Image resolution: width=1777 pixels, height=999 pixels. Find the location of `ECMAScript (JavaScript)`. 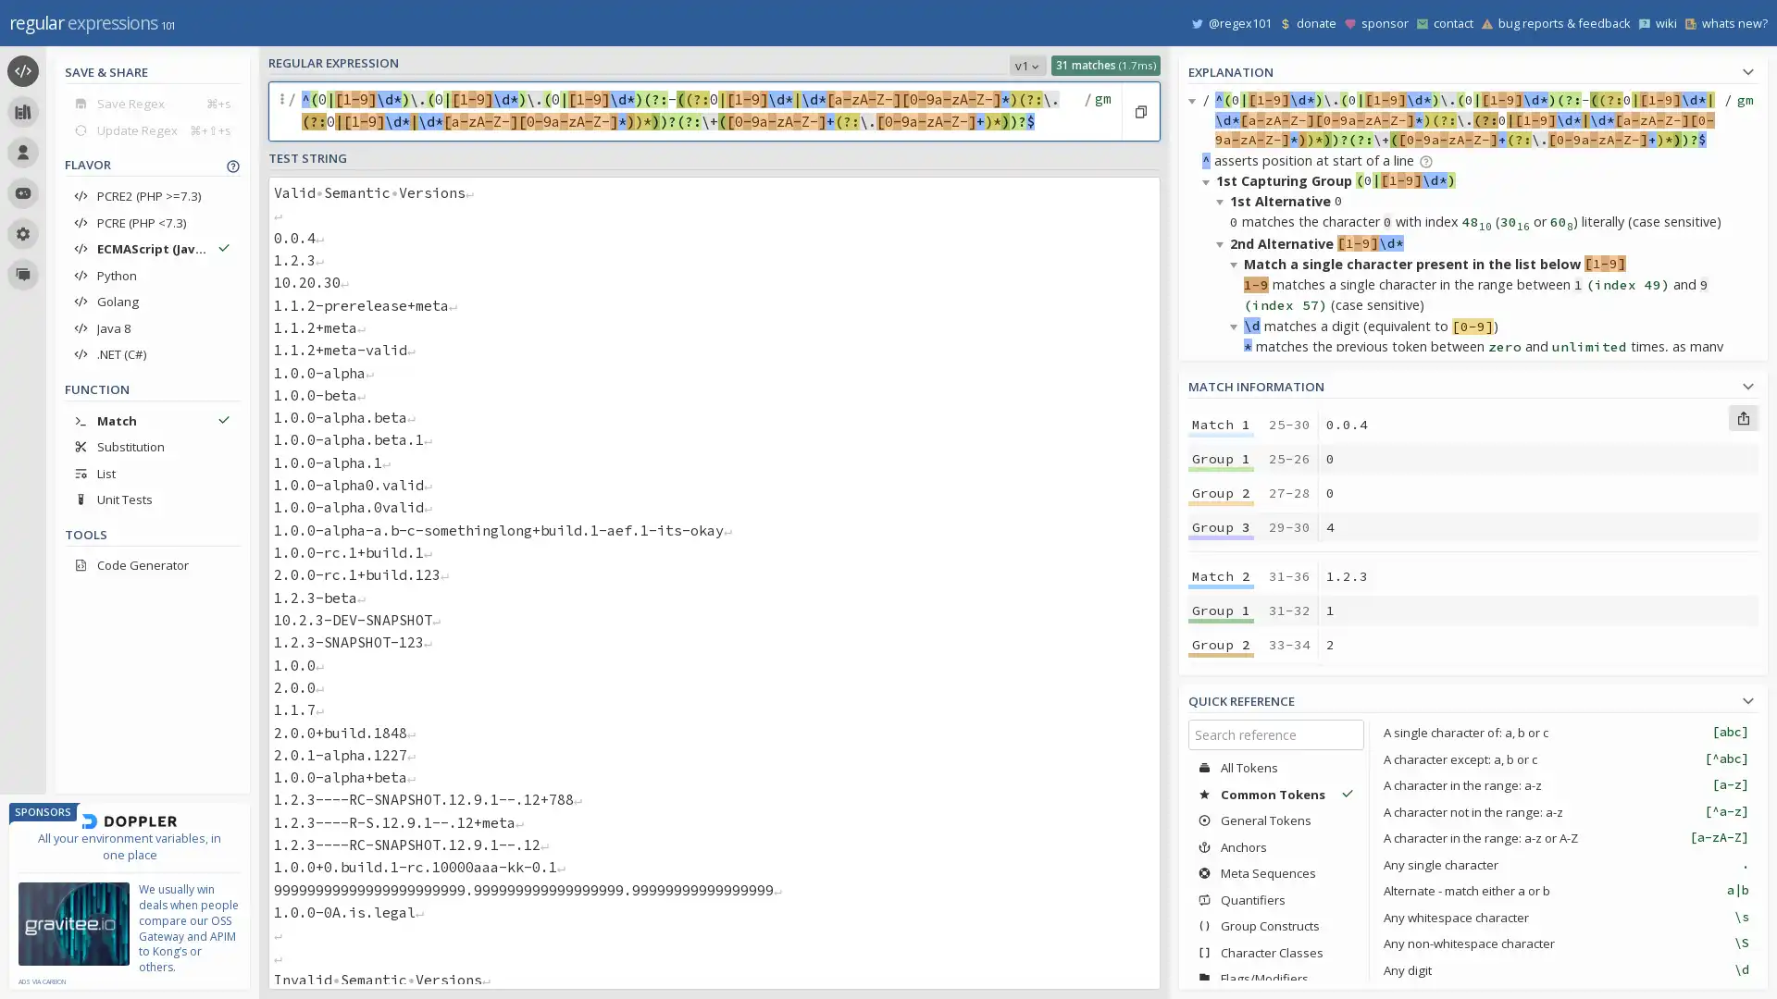

ECMAScript (JavaScript) is located at coordinates (152, 248).